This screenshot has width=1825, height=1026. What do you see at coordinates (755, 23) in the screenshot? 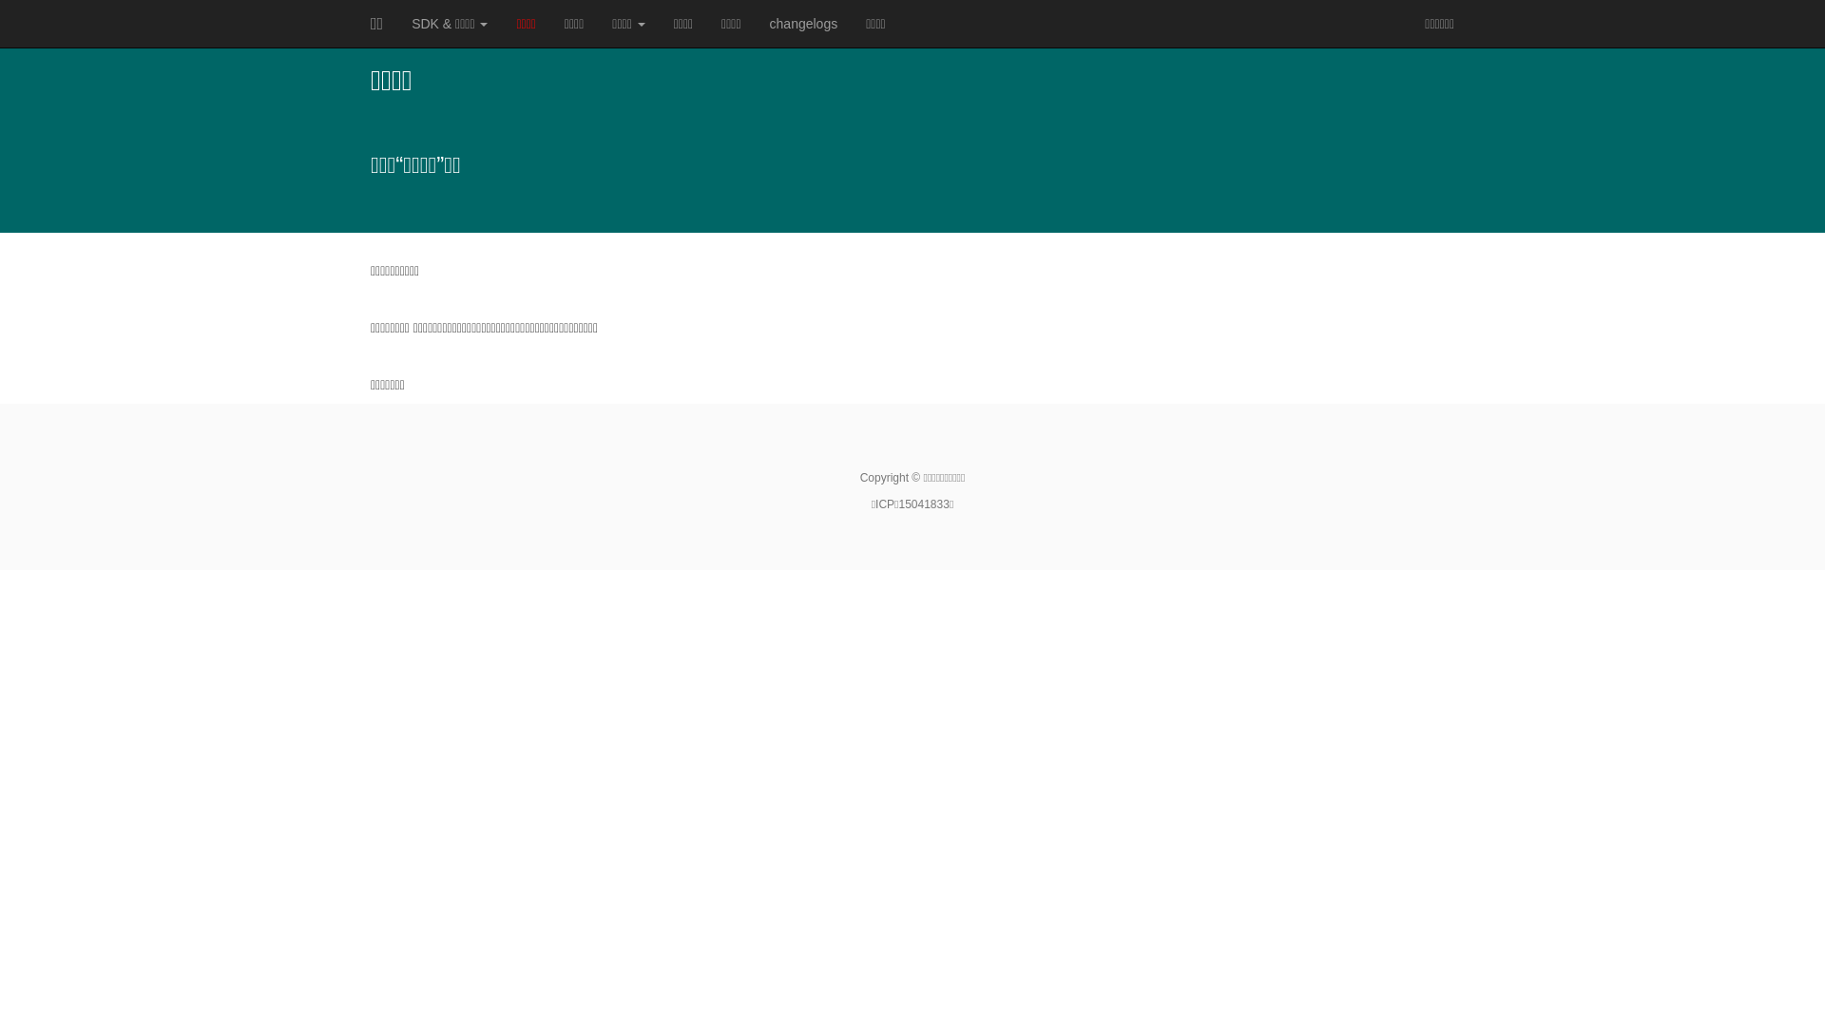
I see `'changelogs'` at bounding box center [755, 23].